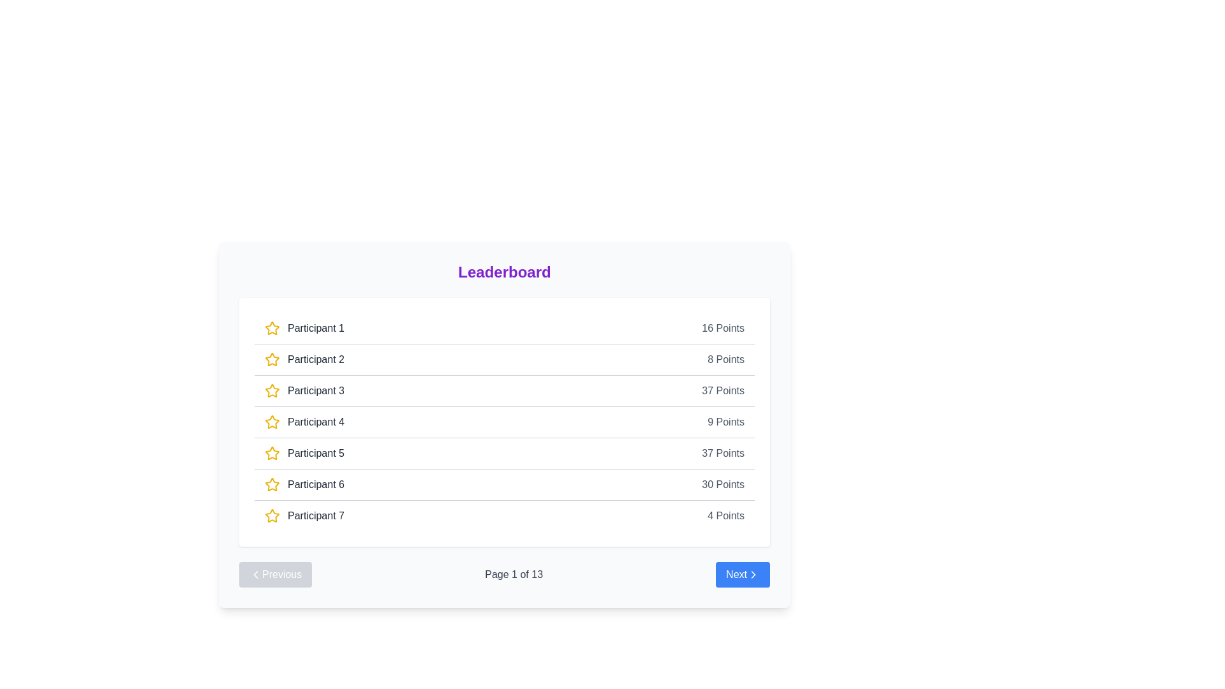 The width and height of the screenshot is (1225, 689). What do you see at coordinates (504, 390) in the screenshot?
I see `participant name and score from the third entry in the leaderboard list, which is centered horizontally and aligned with similar elements` at bounding box center [504, 390].